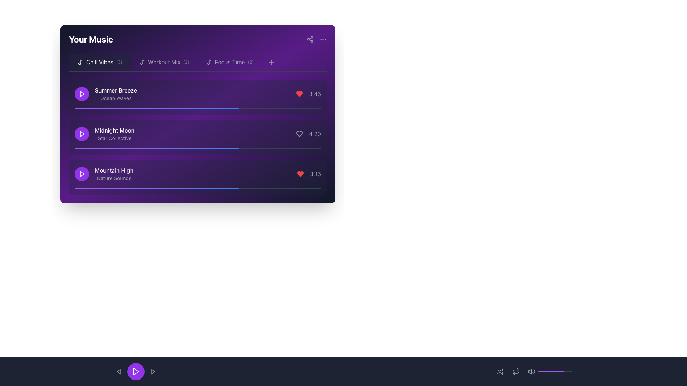  What do you see at coordinates (308, 93) in the screenshot?
I see `displayed time duration '3:45' from the Favorite marker with heart icon located at the rightmost end of the 'Summer Breeze' list item row` at bounding box center [308, 93].